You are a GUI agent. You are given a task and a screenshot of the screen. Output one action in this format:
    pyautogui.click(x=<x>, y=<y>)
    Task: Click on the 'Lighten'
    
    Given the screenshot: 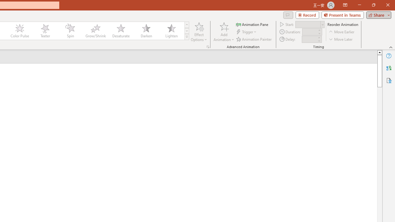 What is the action you would take?
    pyautogui.click(x=171, y=31)
    